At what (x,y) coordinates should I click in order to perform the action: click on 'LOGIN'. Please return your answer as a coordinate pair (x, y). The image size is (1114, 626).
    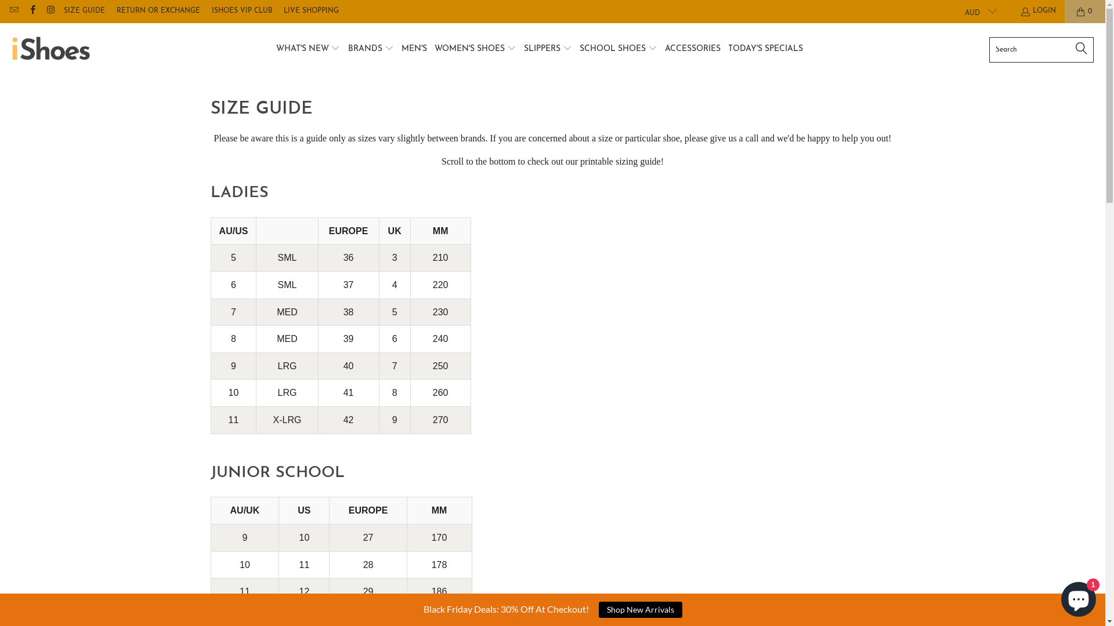
    Looking at the image, I should click on (1019, 11).